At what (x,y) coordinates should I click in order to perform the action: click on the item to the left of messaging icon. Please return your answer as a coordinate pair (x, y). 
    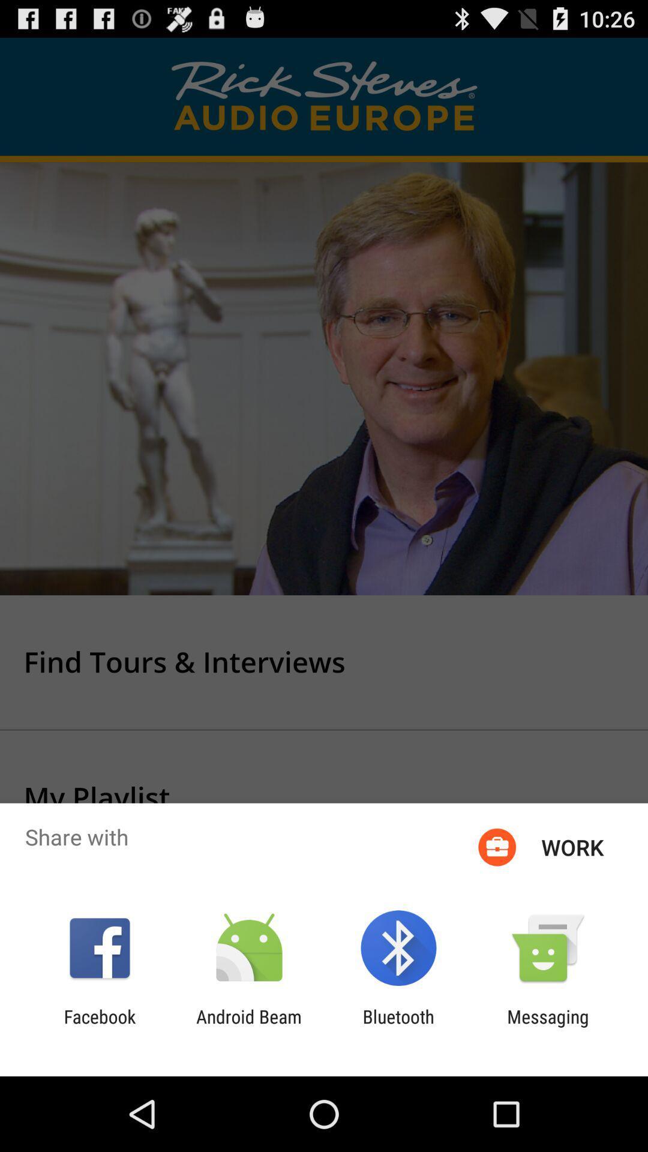
    Looking at the image, I should click on (398, 1027).